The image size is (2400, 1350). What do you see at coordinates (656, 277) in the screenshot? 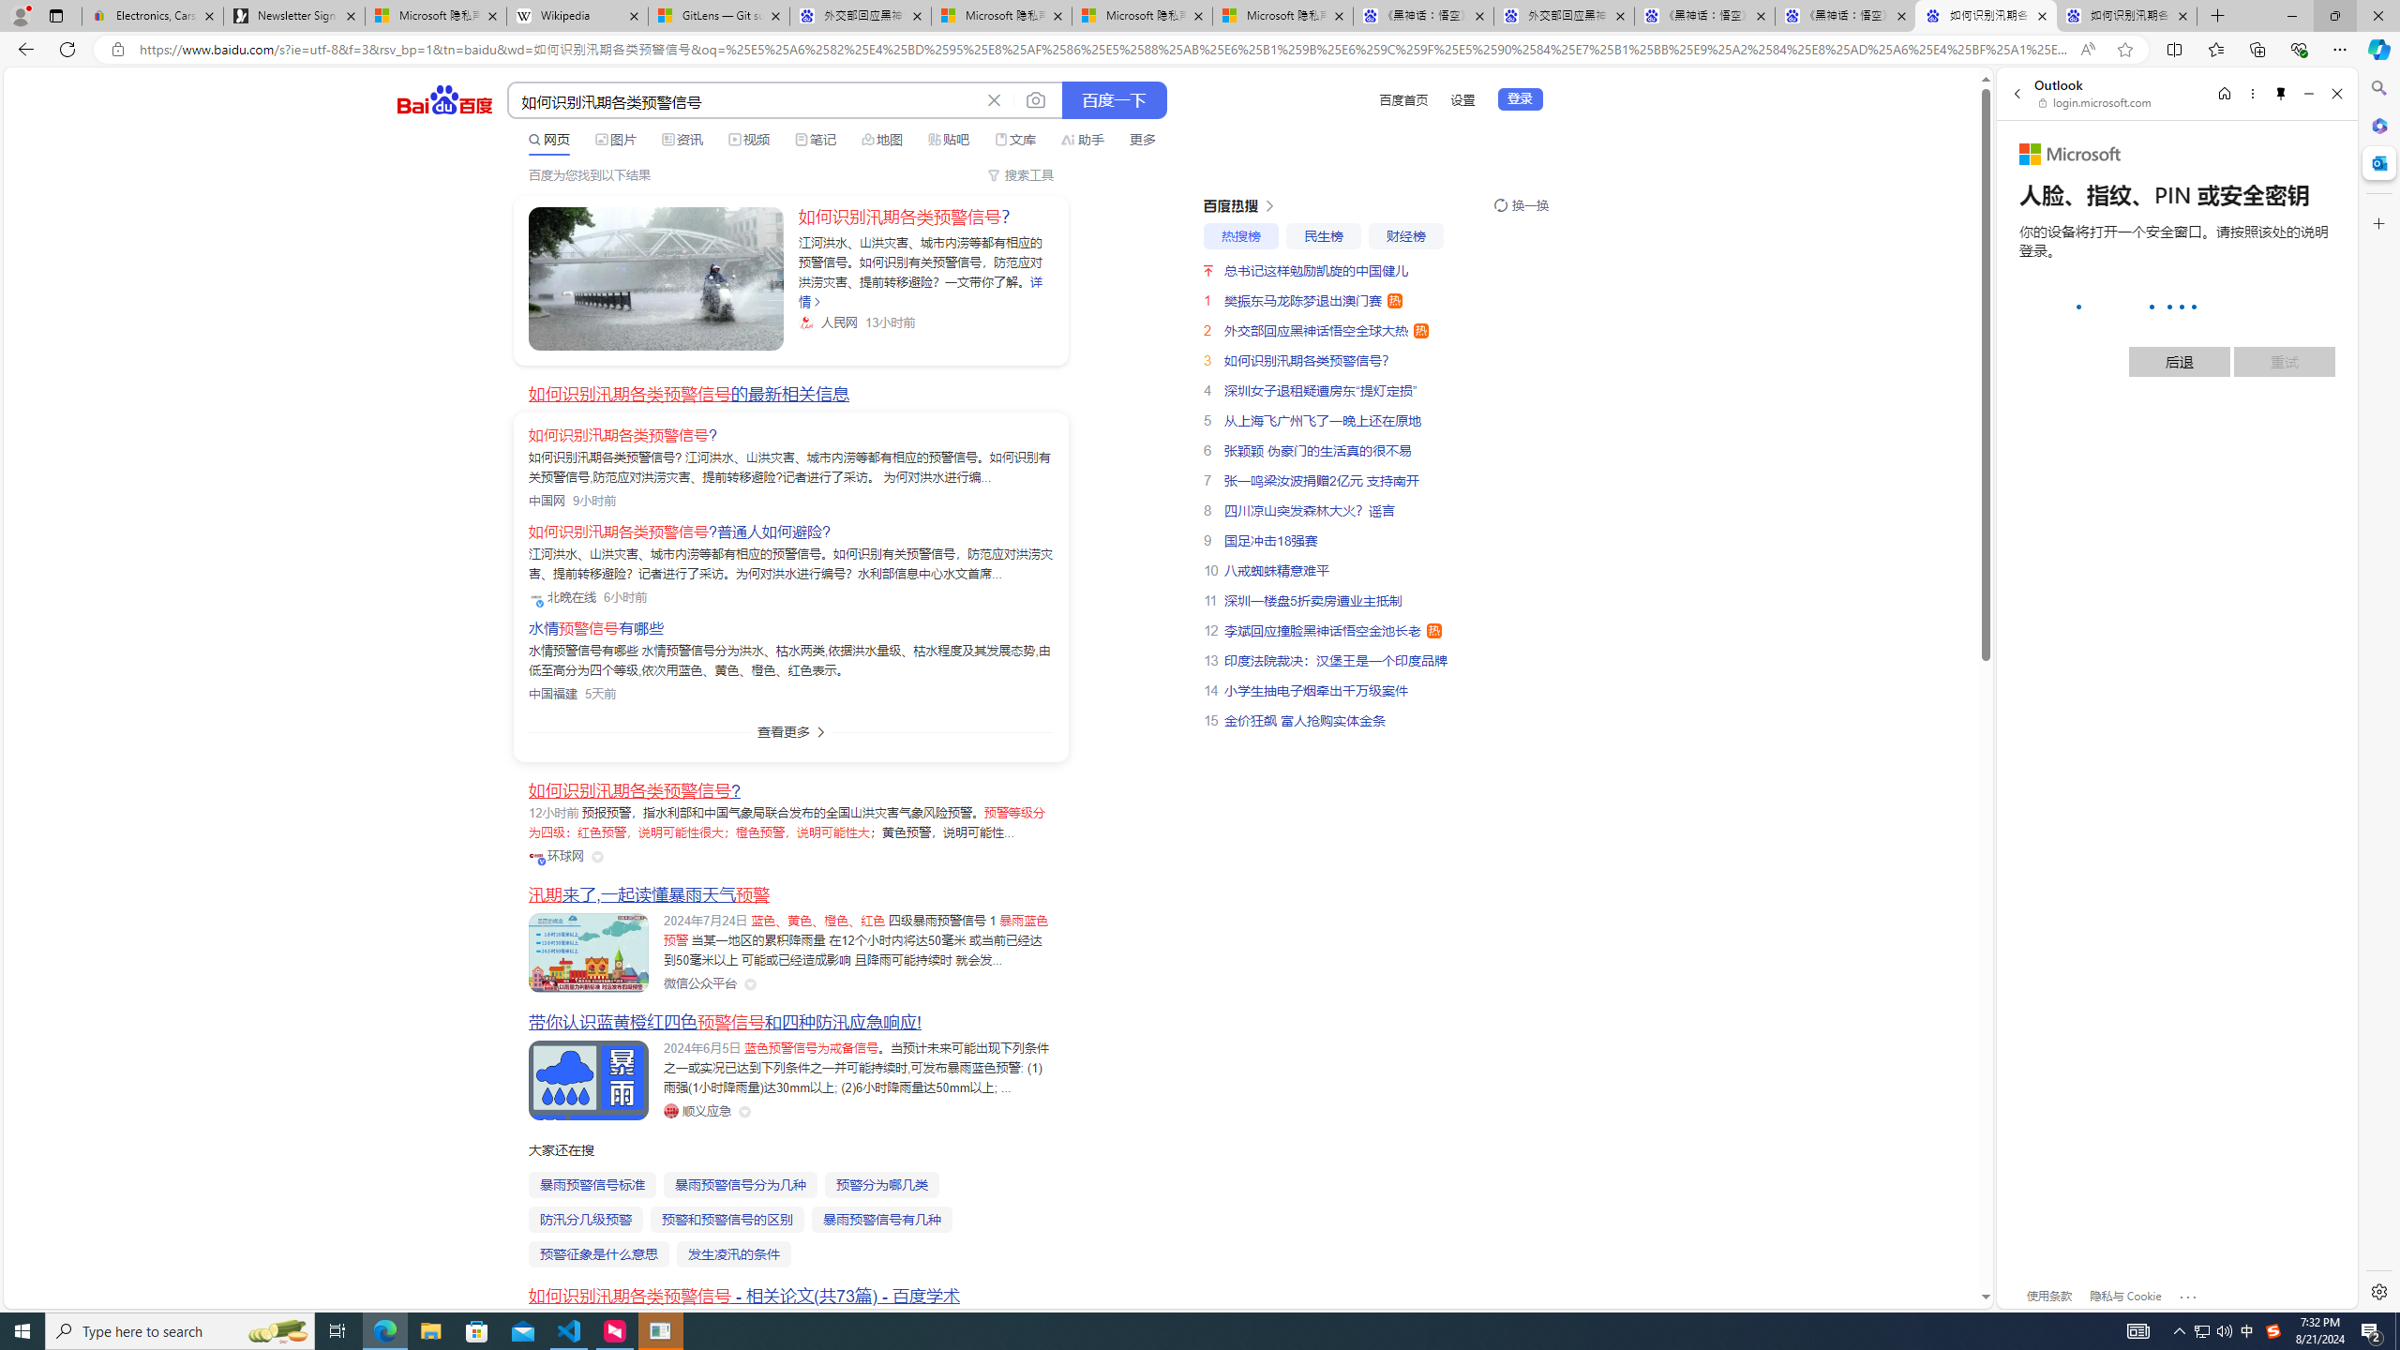
I see `'Class: sc-link _link_kwqvb_2 -v-color-primary block'` at bounding box center [656, 277].